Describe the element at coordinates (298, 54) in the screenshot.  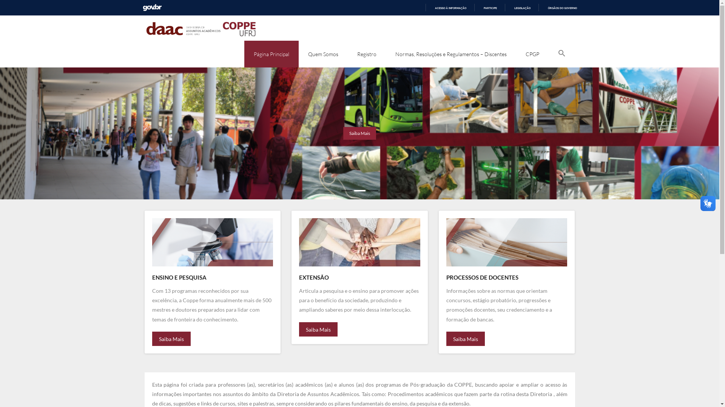
I see `'Quem Somos'` at that location.